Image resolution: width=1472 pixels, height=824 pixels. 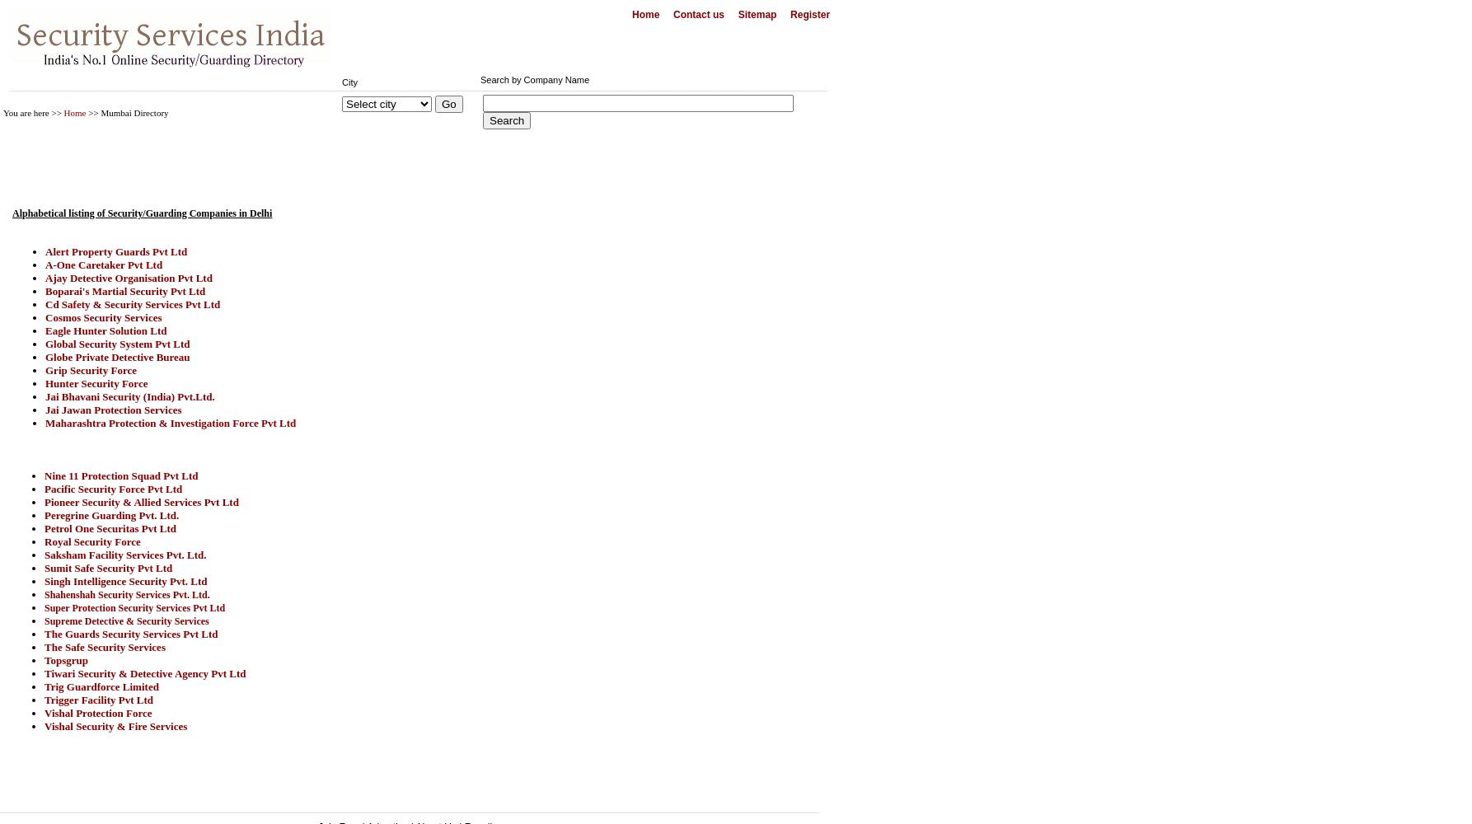 What do you see at coordinates (127, 277) in the screenshot?
I see `'Ajay Detective Organisation Pvt Ltd'` at bounding box center [127, 277].